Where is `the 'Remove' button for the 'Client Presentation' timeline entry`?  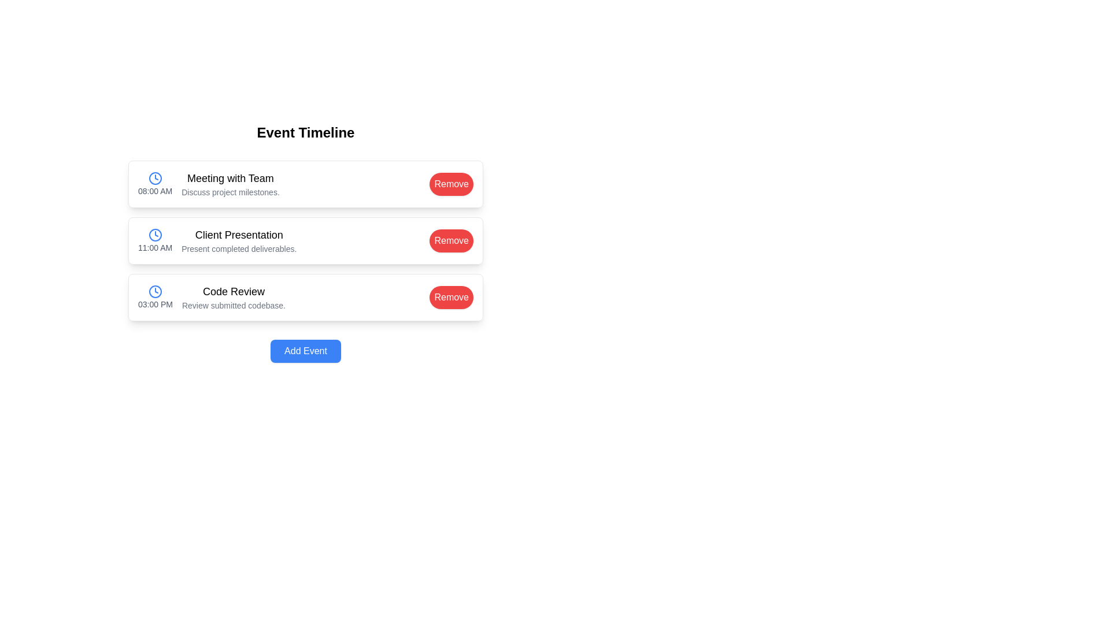
the 'Remove' button for the 'Client Presentation' timeline entry is located at coordinates (451, 240).